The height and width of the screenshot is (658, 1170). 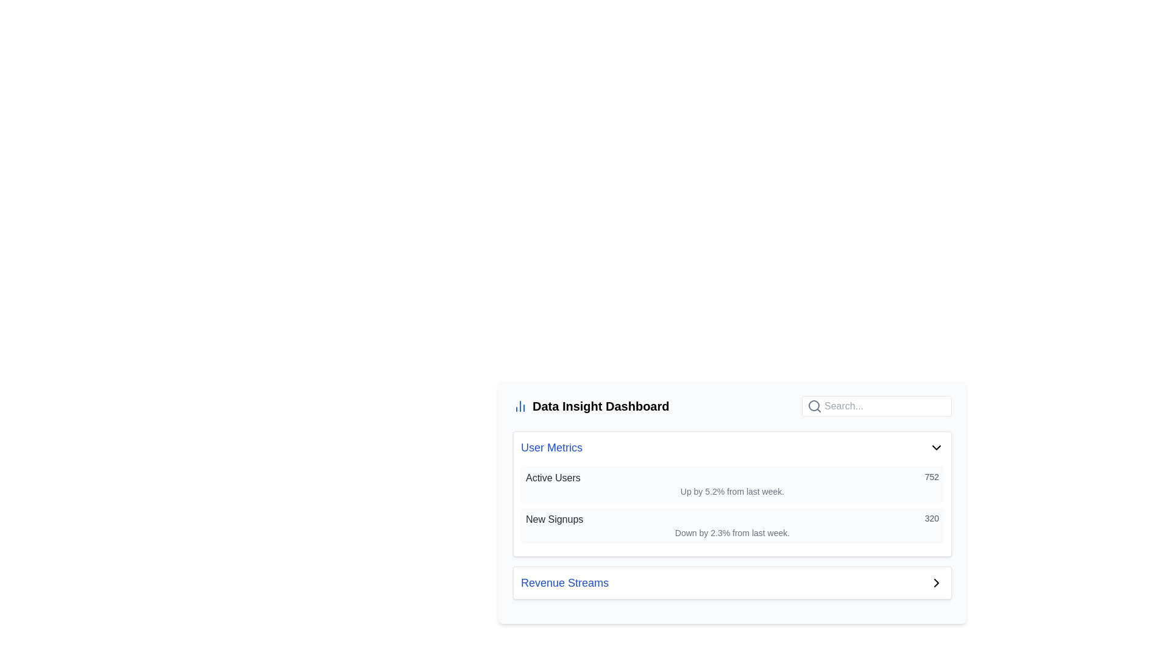 What do you see at coordinates (935, 582) in the screenshot?
I see `the navigation icon located on the far right of the 'Revenue Streams' bar to possibly trigger highlighting` at bounding box center [935, 582].